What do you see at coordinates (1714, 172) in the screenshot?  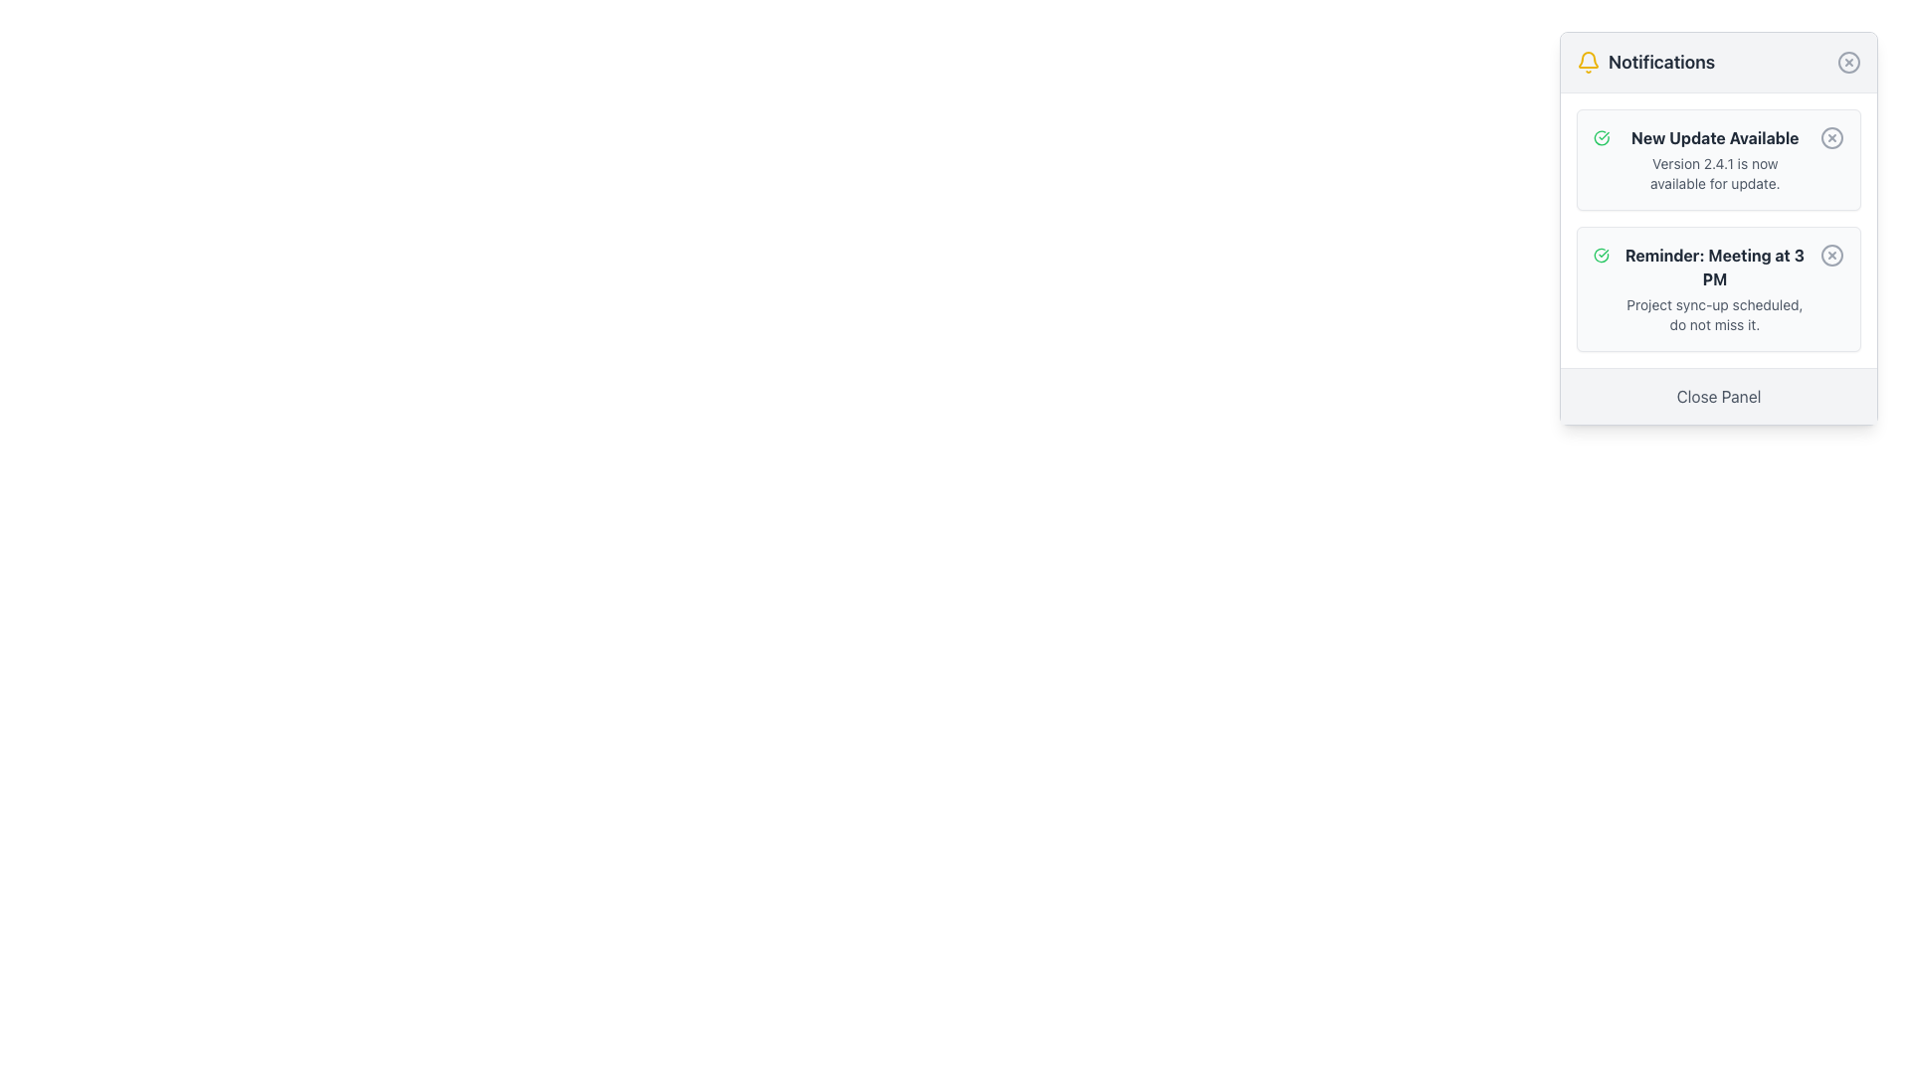 I see `the text label that indicates the availability of update Version 2.4.1, located below the 'New Update Available' heading in the notification card` at bounding box center [1714, 172].